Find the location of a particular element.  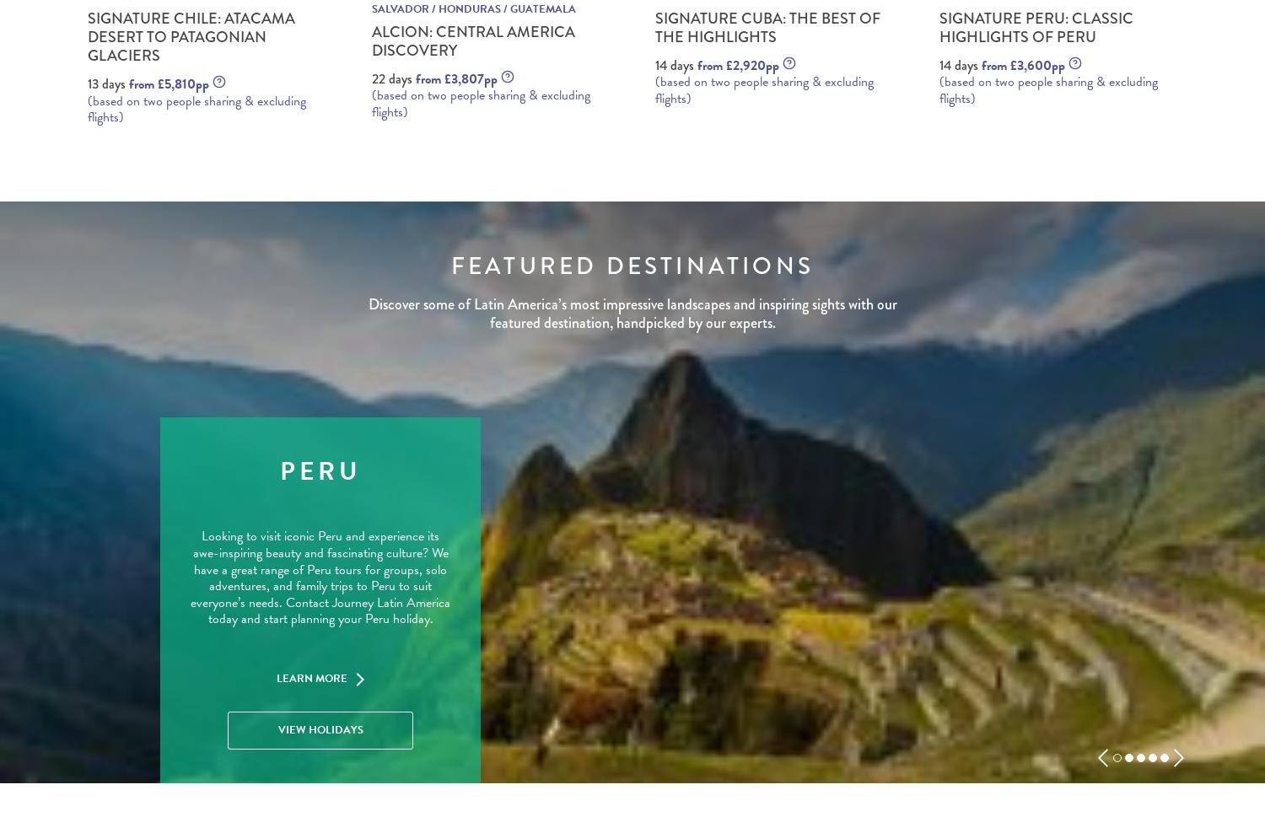

'Signature Cuba: The best of the highlights' is located at coordinates (767, 26).